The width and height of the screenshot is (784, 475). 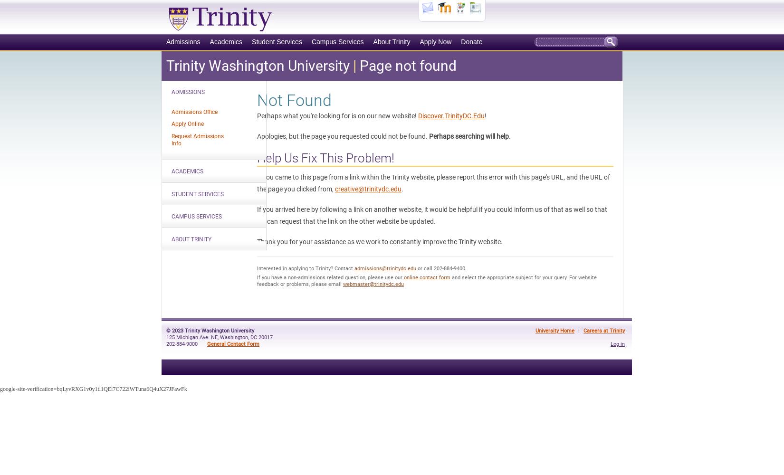 What do you see at coordinates (427, 277) in the screenshot?
I see `'online contact form'` at bounding box center [427, 277].